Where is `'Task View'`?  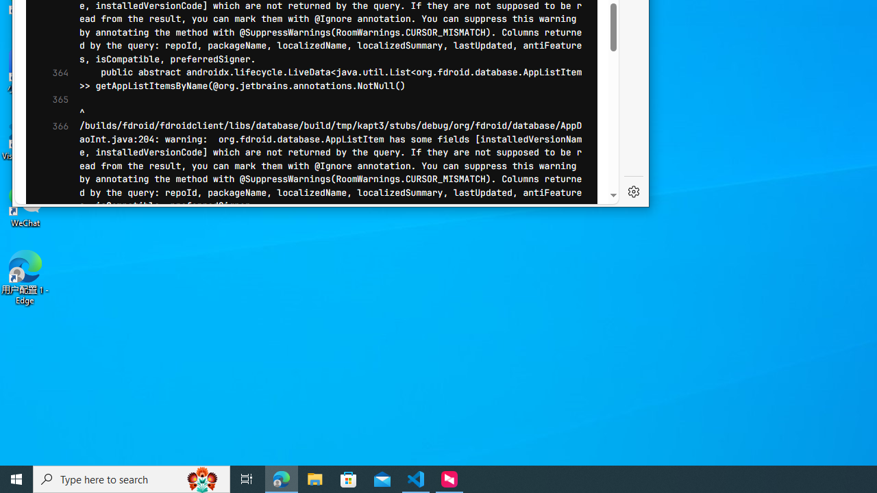 'Task View' is located at coordinates (246, 478).